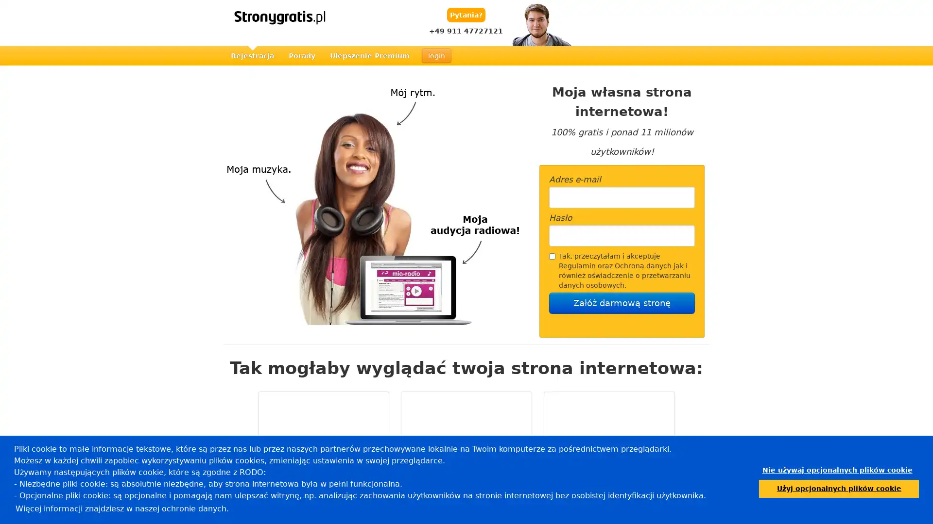 This screenshot has width=933, height=524. Describe the element at coordinates (622, 302) in the screenshot. I see `Zaoz darmowa strone` at that location.